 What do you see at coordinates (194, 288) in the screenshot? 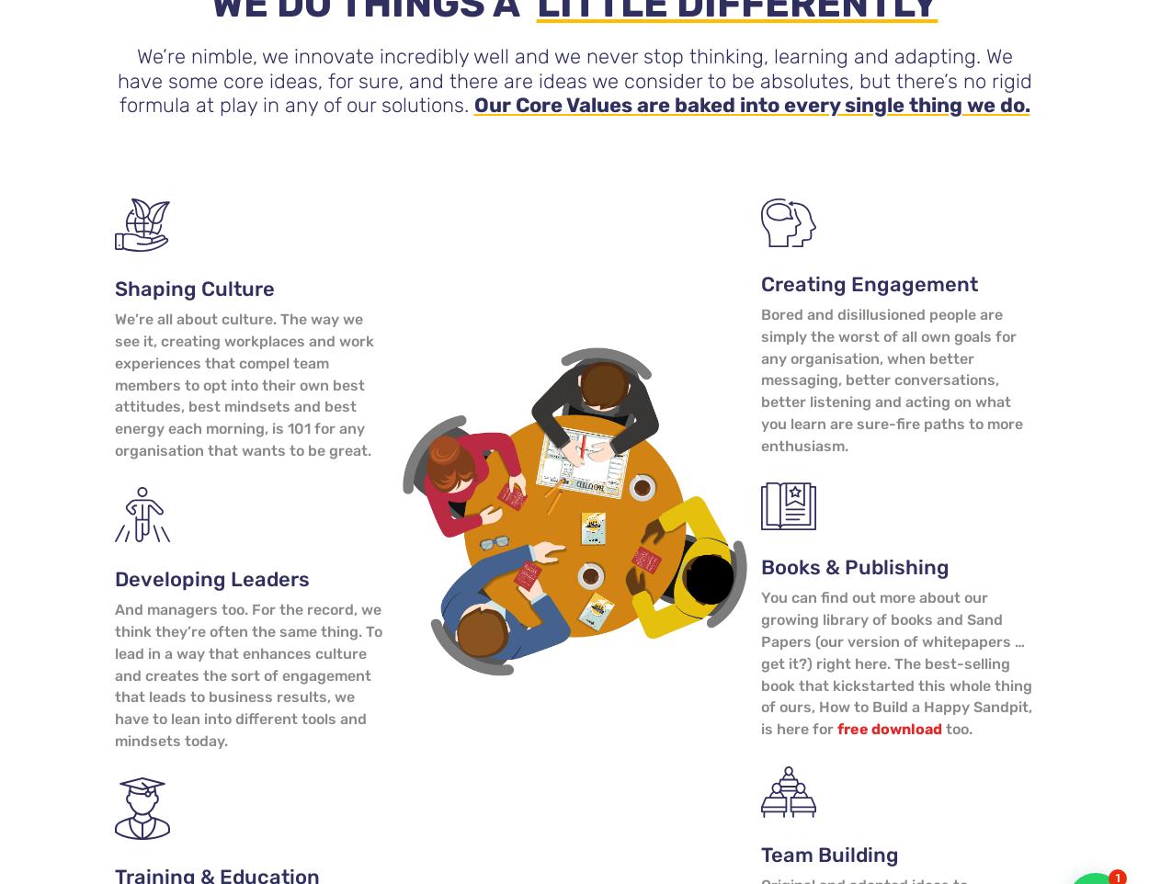
I see `'Shaping Culture'` at bounding box center [194, 288].